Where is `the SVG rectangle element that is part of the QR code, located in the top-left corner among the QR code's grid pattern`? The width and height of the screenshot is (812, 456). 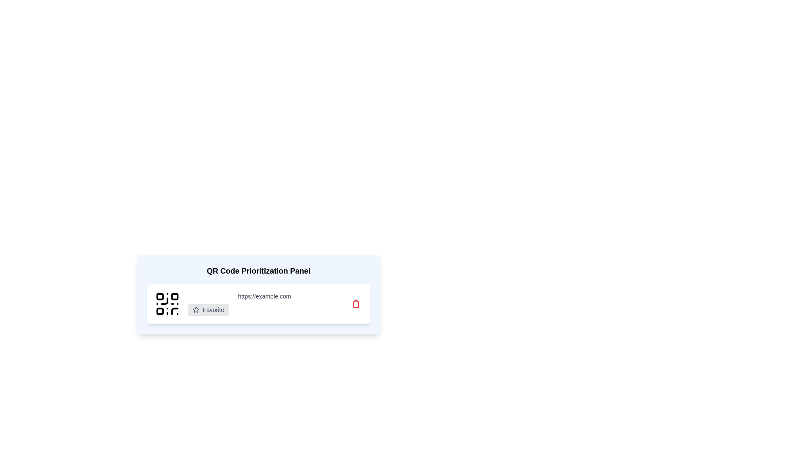 the SVG rectangle element that is part of the QR code, located in the top-left corner among the QR code's grid pattern is located at coordinates (160, 296).